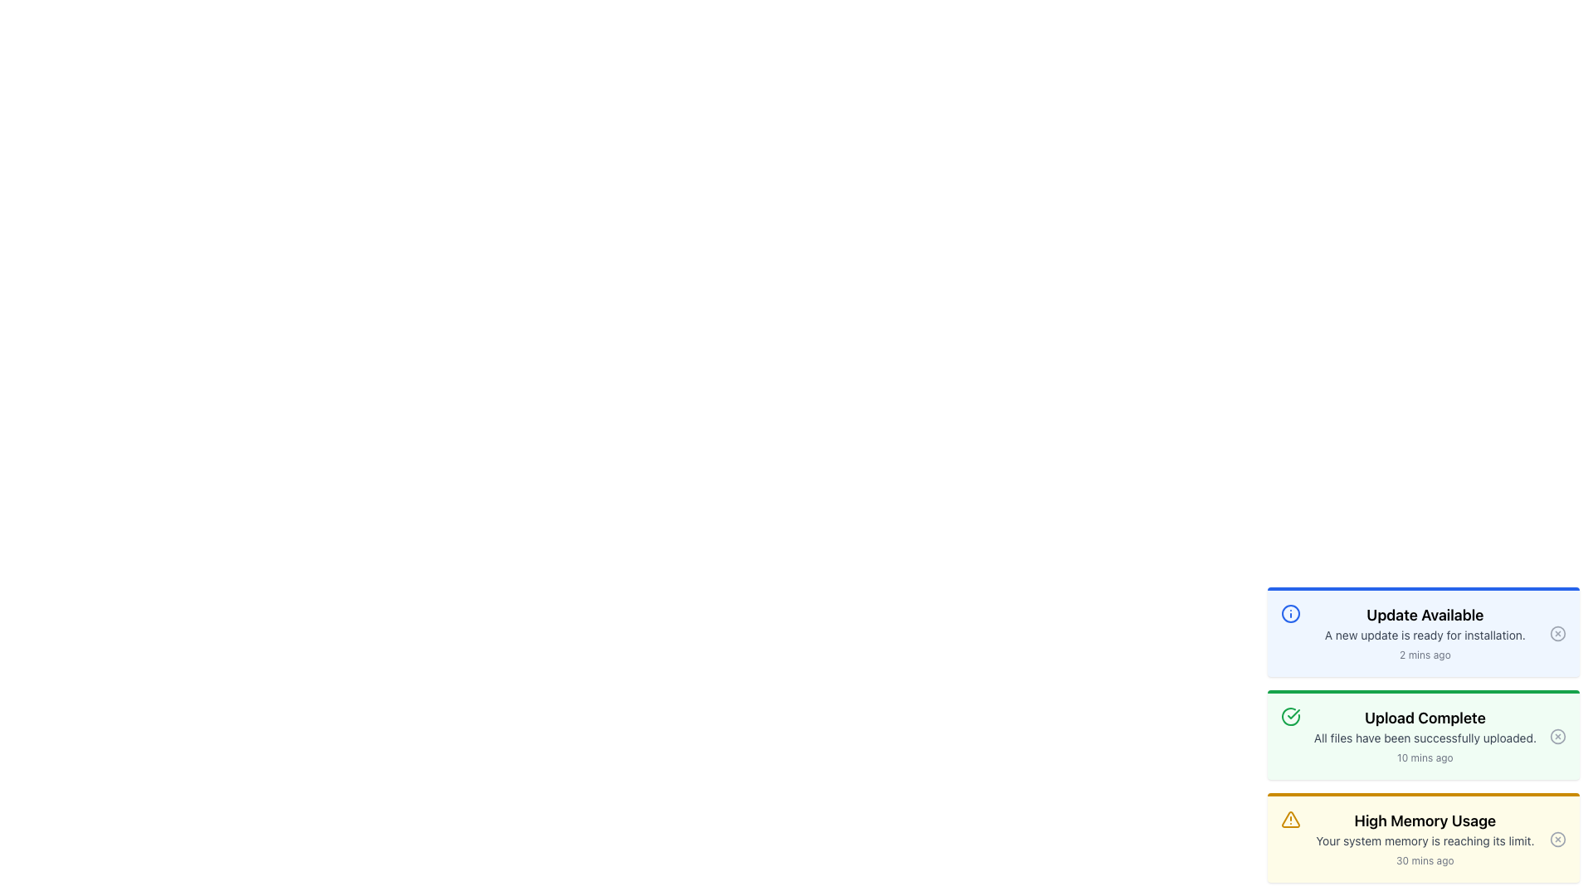  What do you see at coordinates (1289, 716) in the screenshot?
I see `the successful upload icon located in the upper-left corner of the 'Upload Complete' notification card, which is the second card in a vertical stack of notifications` at bounding box center [1289, 716].